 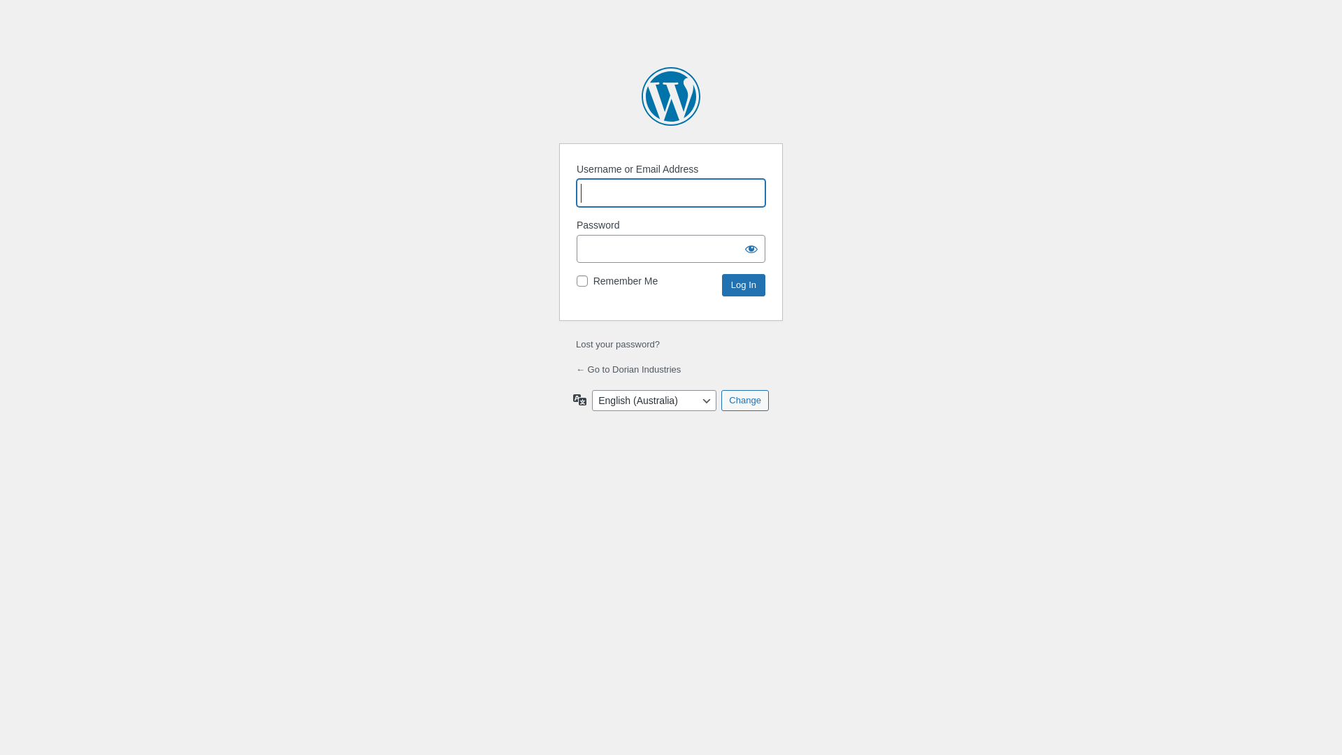 I want to click on 'Powered by WordPress', so click(x=671, y=96).